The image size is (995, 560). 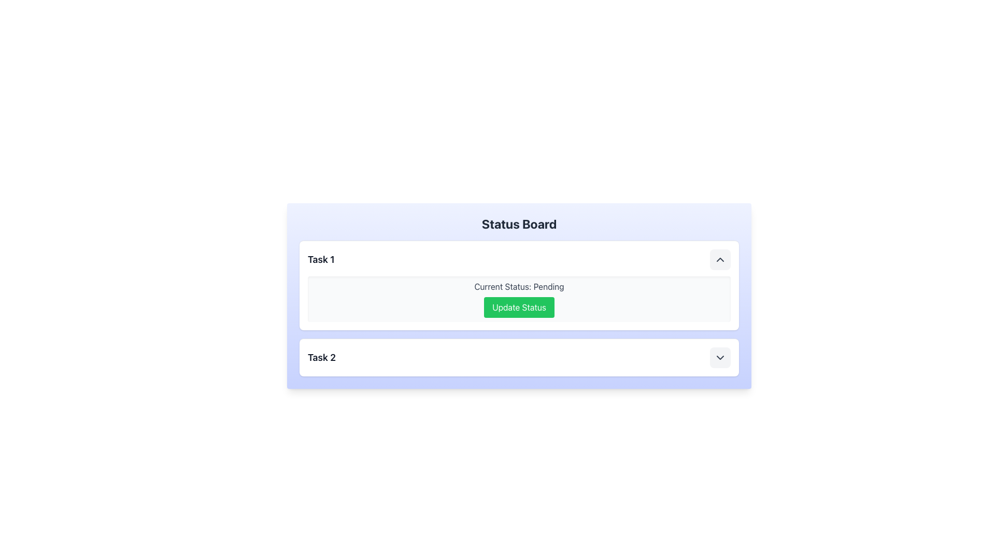 What do you see at coordinates (519, 357) in the screenshot?
I see `the second task card representing 'Task 2' in the task management interface` at bounding box center [519, 357].